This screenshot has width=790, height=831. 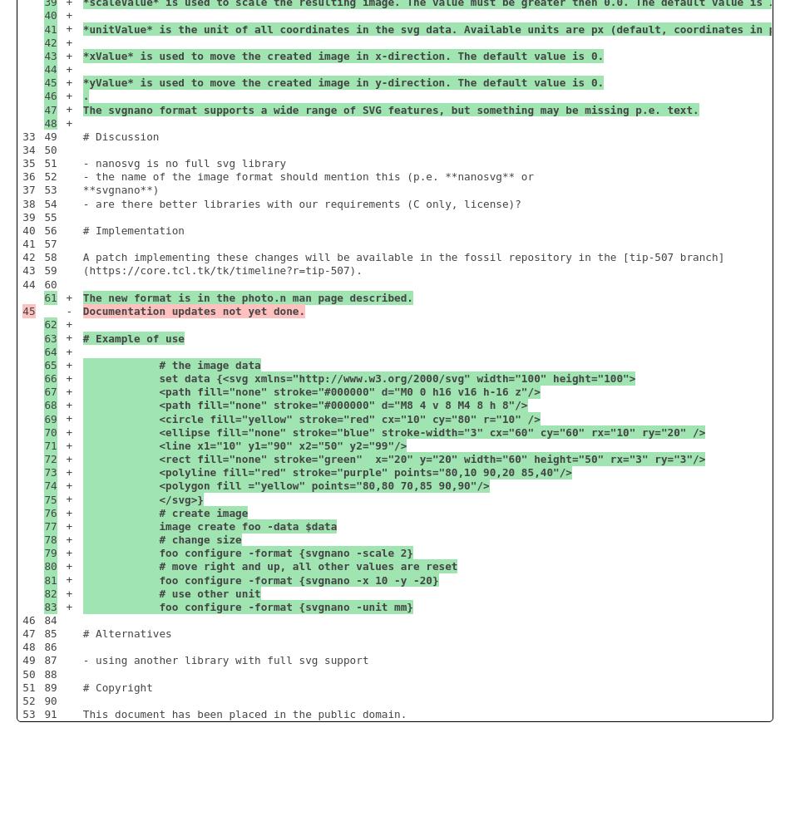 What do you see at coordinates (304, 404) in the screenshot?
I see `'<path fill="none" stroke="#000000" d="M8 4 v 8 M4 8 h 8"/>'` at bounding box center [304, 404].